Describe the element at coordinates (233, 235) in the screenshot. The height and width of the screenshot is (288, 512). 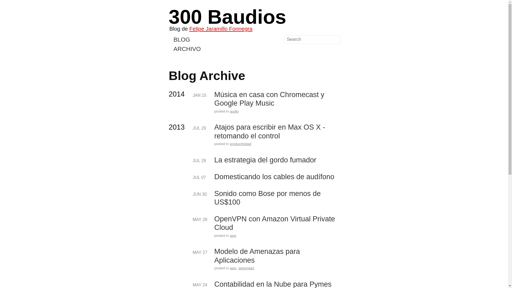
I see `'aws'` at that location.